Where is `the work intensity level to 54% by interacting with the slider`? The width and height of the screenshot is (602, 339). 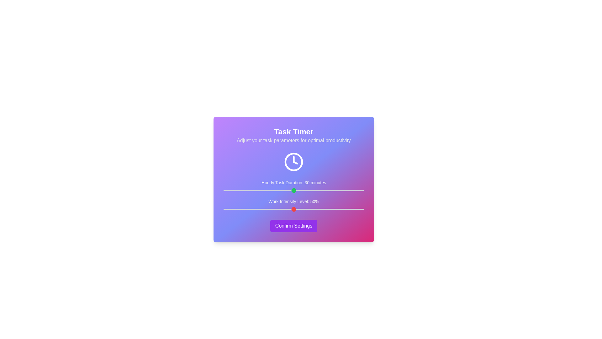
the work intensity level to 54% by interacting with the slider is located at coordinates (299, 209).